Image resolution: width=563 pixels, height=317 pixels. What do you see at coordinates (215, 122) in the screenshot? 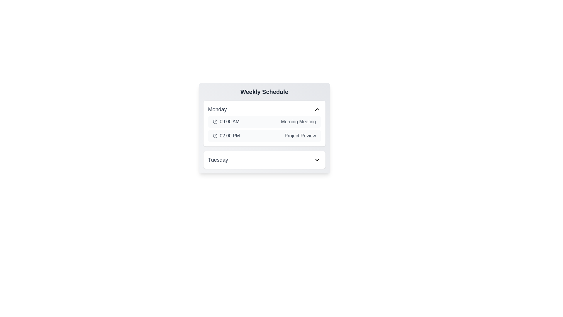
I see `the circular graphic element that is part of the clock icon located under the 'Monday' header in the 'Weekly Schedule' interface, adjacent to the time label '02:00 PM'` at bounding box center [215, 122].